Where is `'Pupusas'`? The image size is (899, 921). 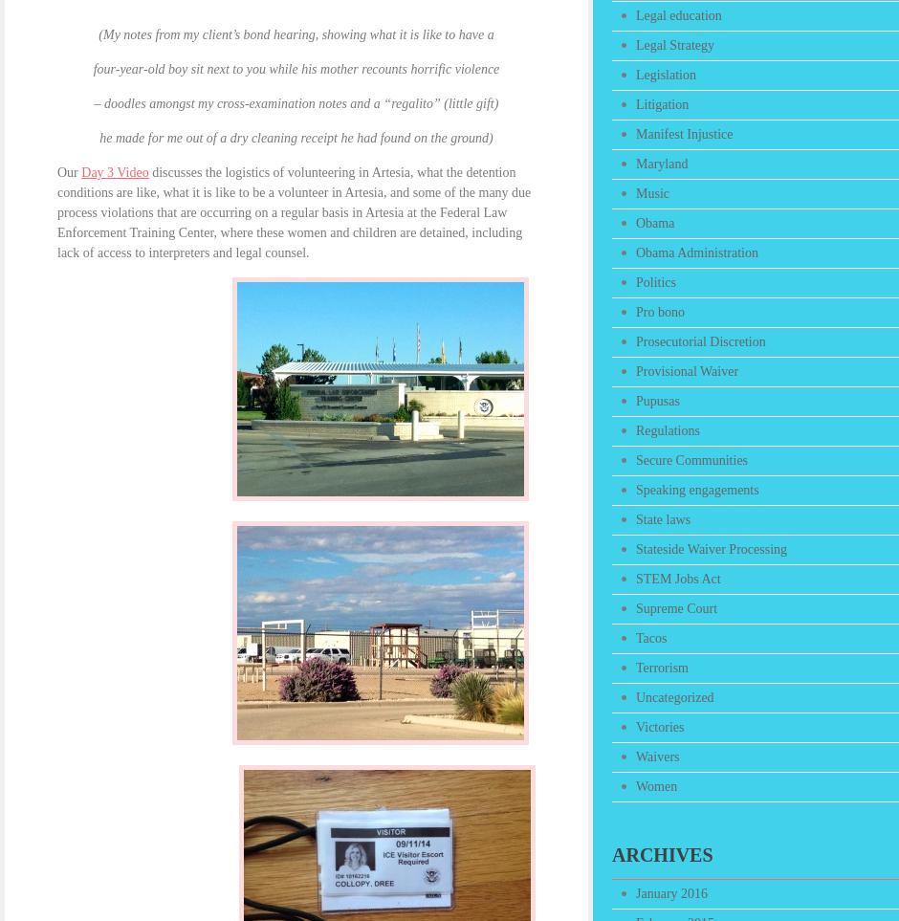
'Pupusas' is located at coordinates (656, 401).